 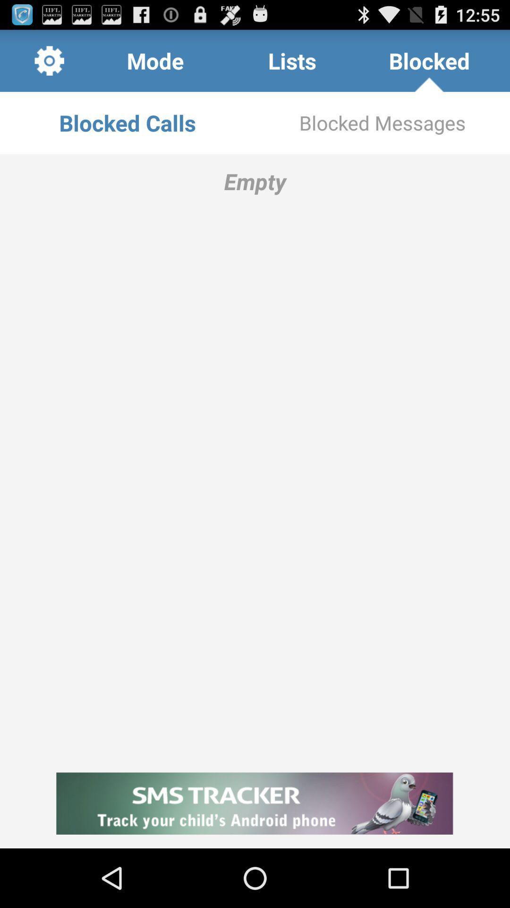 I want to click on the app next to the lists, so click(x=154, y=60).